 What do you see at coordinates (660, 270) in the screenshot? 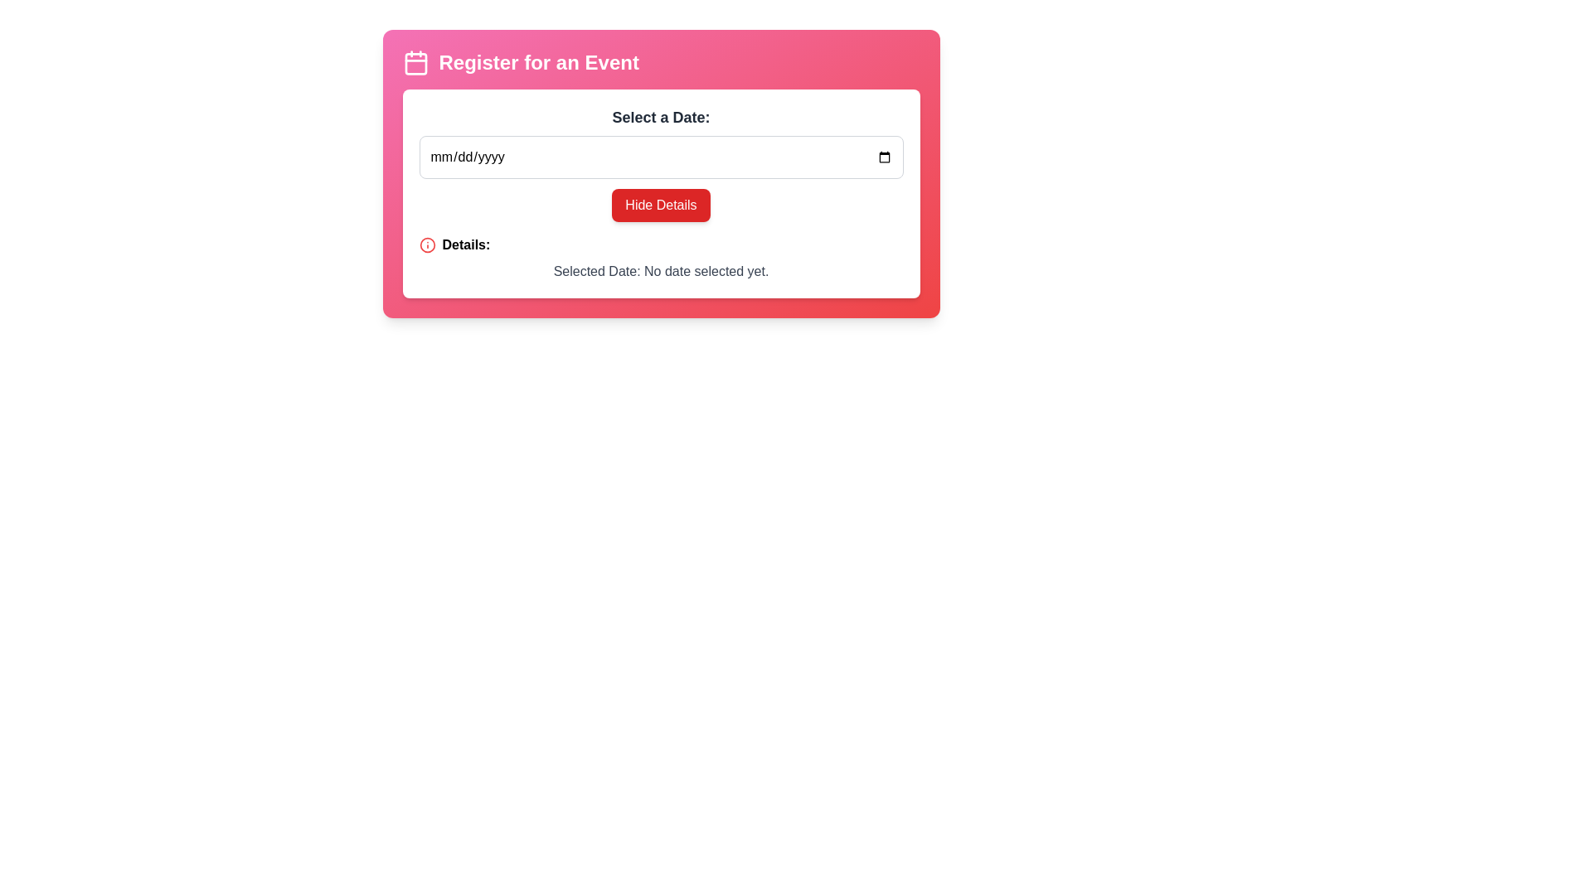
I see `the text segment that displays 'Selected Date: No date selected yet.' located below the 'Details:' label in the details section of the form` at bounding box center [660, 270].